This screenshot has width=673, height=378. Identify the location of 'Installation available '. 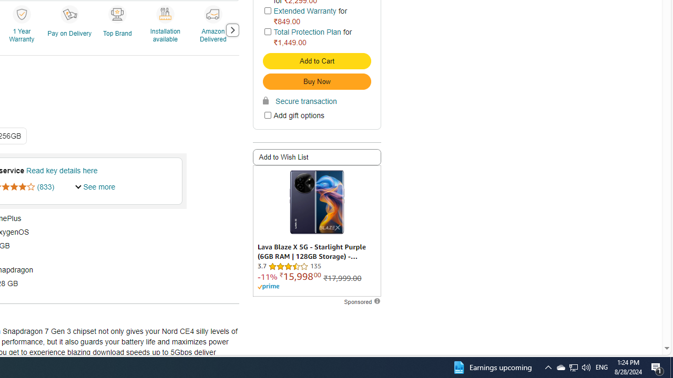
(164, 14).